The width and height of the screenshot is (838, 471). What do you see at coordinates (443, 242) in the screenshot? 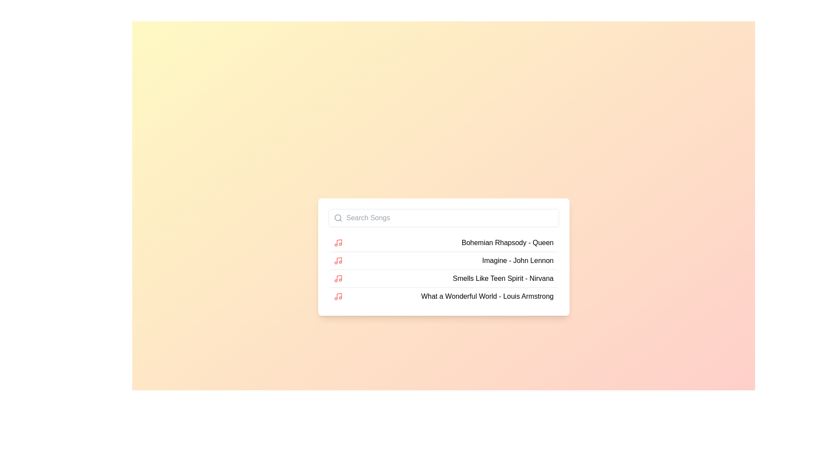
I see `the first song option` at bounding box center [443, 242].